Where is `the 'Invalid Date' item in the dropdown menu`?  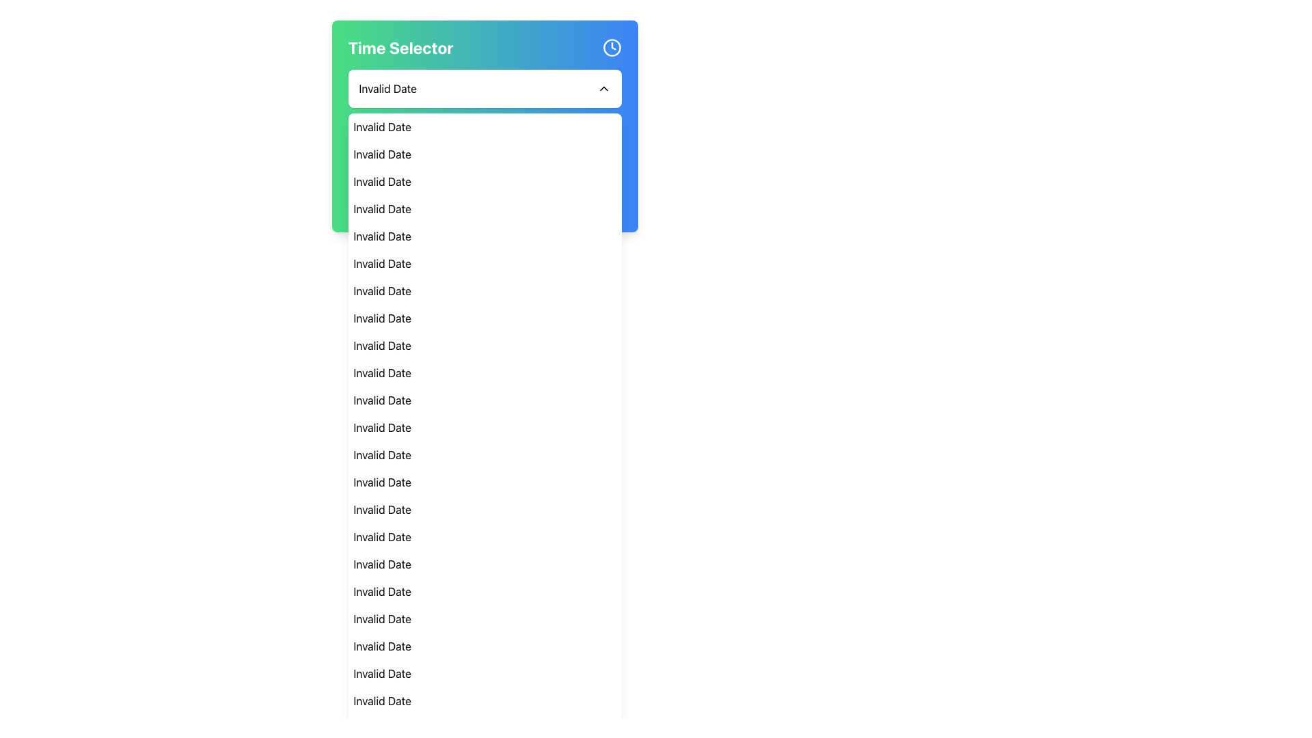
the 'Invalid Date' item in the dropdown menu is located at coordinates (484, 426).